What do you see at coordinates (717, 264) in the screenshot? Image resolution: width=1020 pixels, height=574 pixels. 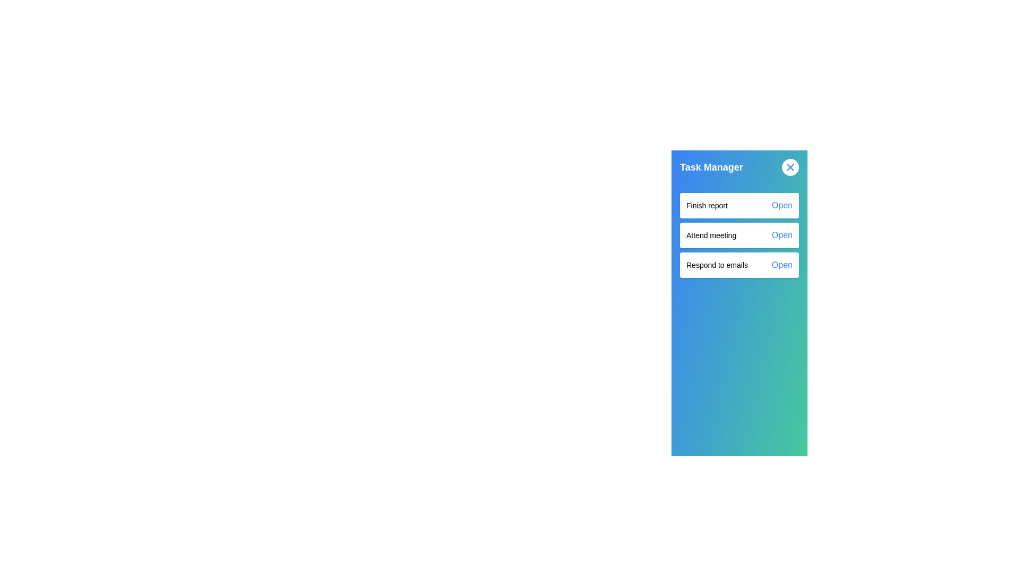 I see `the text label of the third task in the vertical list, which is displayed within a white card to the left of the 'Open' link` at bounding box center [717, 264].